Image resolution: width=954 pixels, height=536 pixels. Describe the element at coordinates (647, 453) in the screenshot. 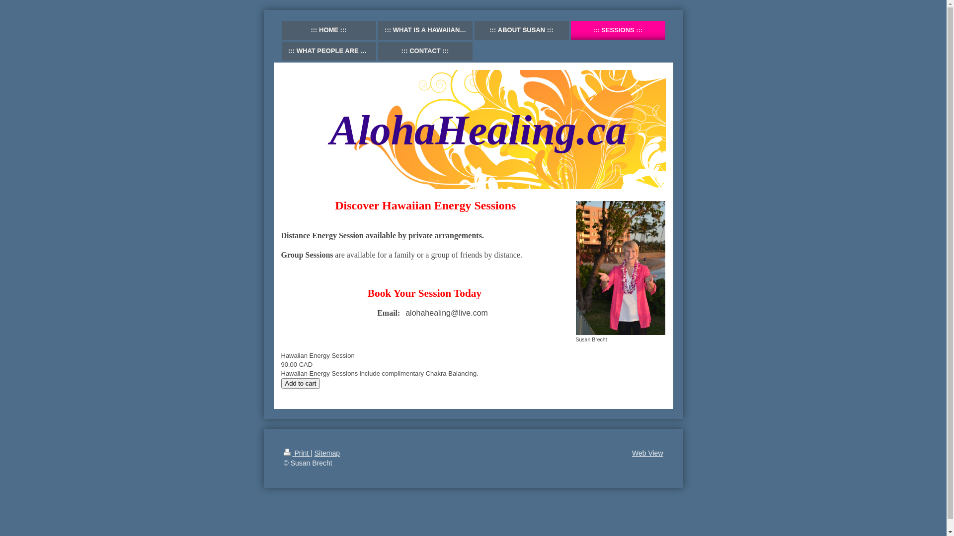

I see `'Web View'` at that location.